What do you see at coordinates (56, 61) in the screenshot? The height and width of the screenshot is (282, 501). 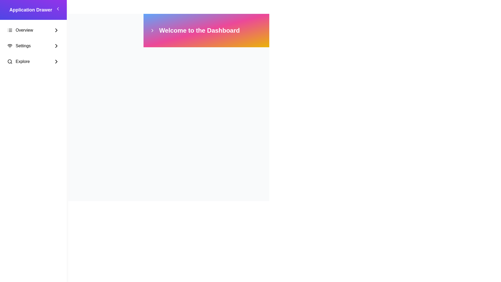 I see `the right-pointing chevron icon located to the right of the 'Explore' label in the application drawer menu` at bounding box center [56, 61].